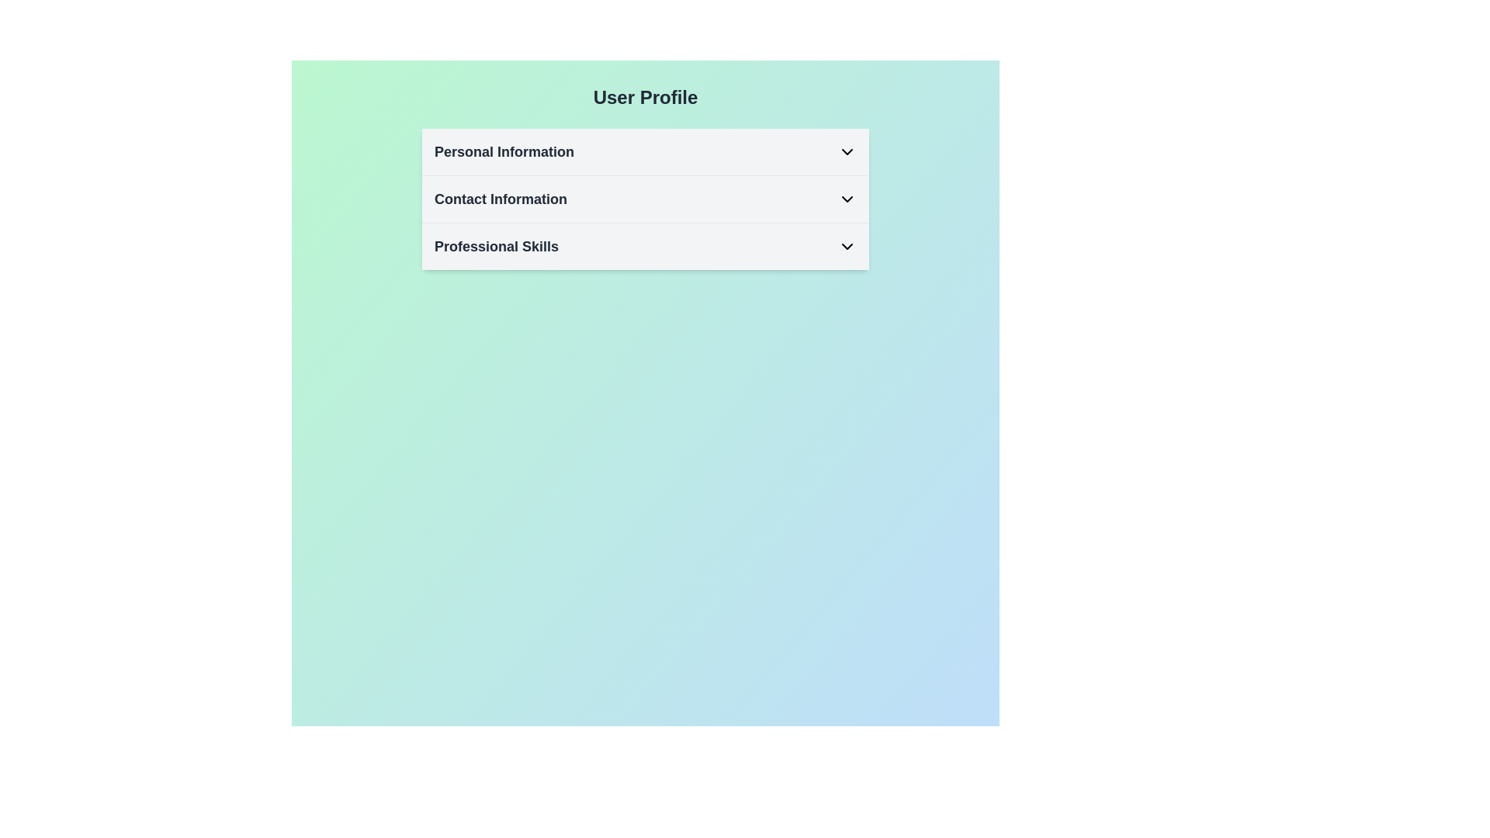 This screenshot has width=1490, height=838. What do you see at coordinates (501, 199) in the screenshot?
I see `the 'Contact Information' text label, which is the second item in the vertical list under the 'User Profile' heading` at bounding box center [501, 199].